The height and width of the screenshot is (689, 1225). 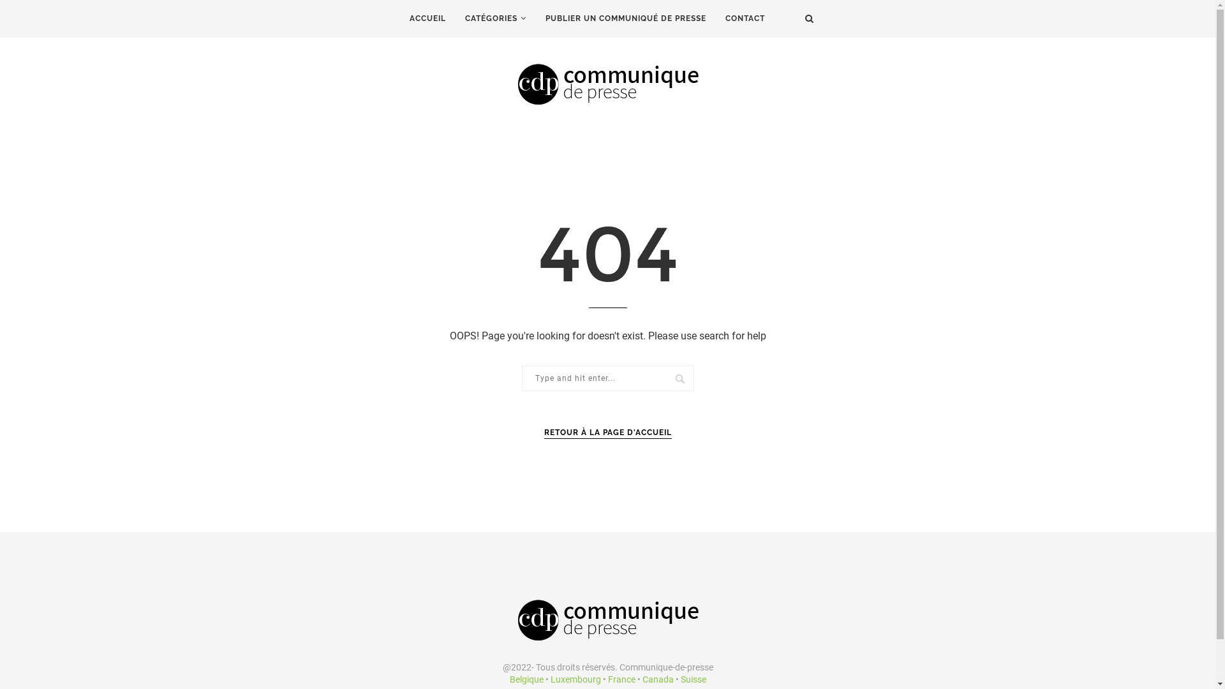 What do you see at coordinates (679, 678) in the screenshot?
I see `'Suisse'` at bounding box center [679, 678].